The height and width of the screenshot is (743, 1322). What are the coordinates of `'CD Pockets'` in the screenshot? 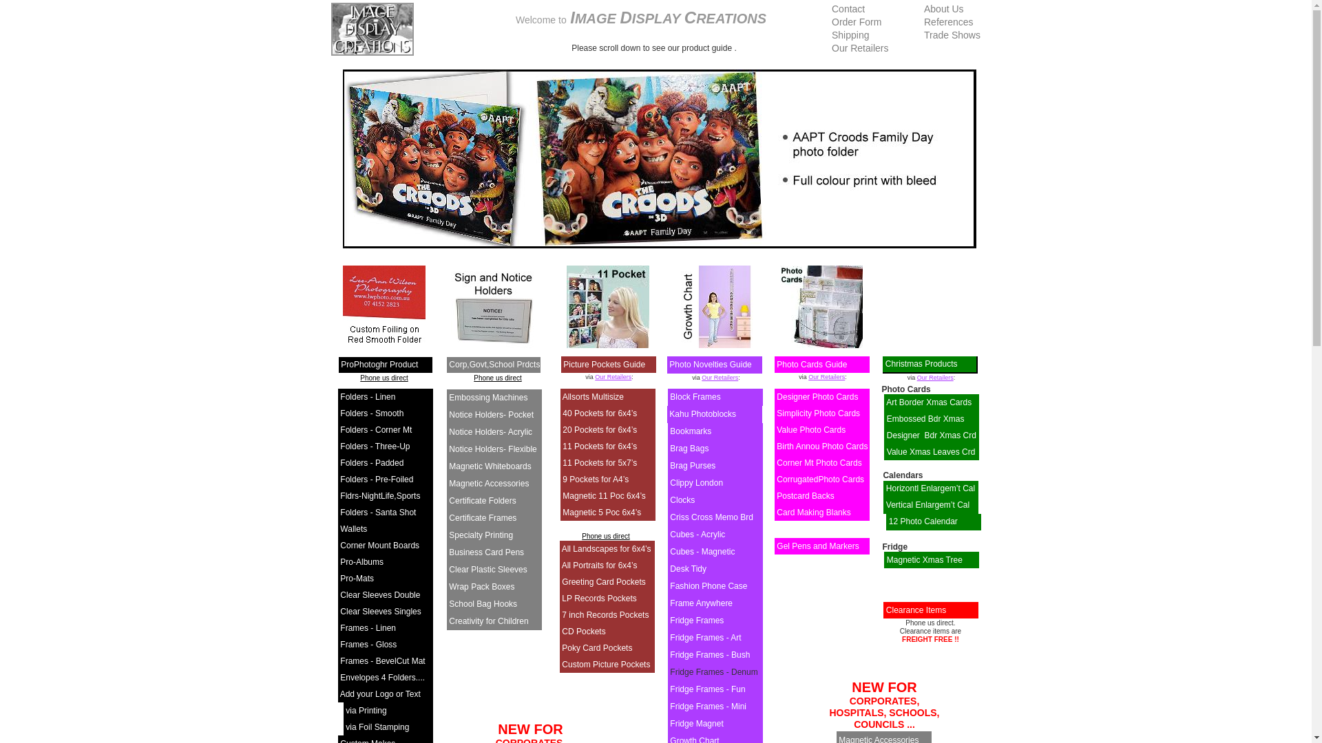 It's located at (583, 632).